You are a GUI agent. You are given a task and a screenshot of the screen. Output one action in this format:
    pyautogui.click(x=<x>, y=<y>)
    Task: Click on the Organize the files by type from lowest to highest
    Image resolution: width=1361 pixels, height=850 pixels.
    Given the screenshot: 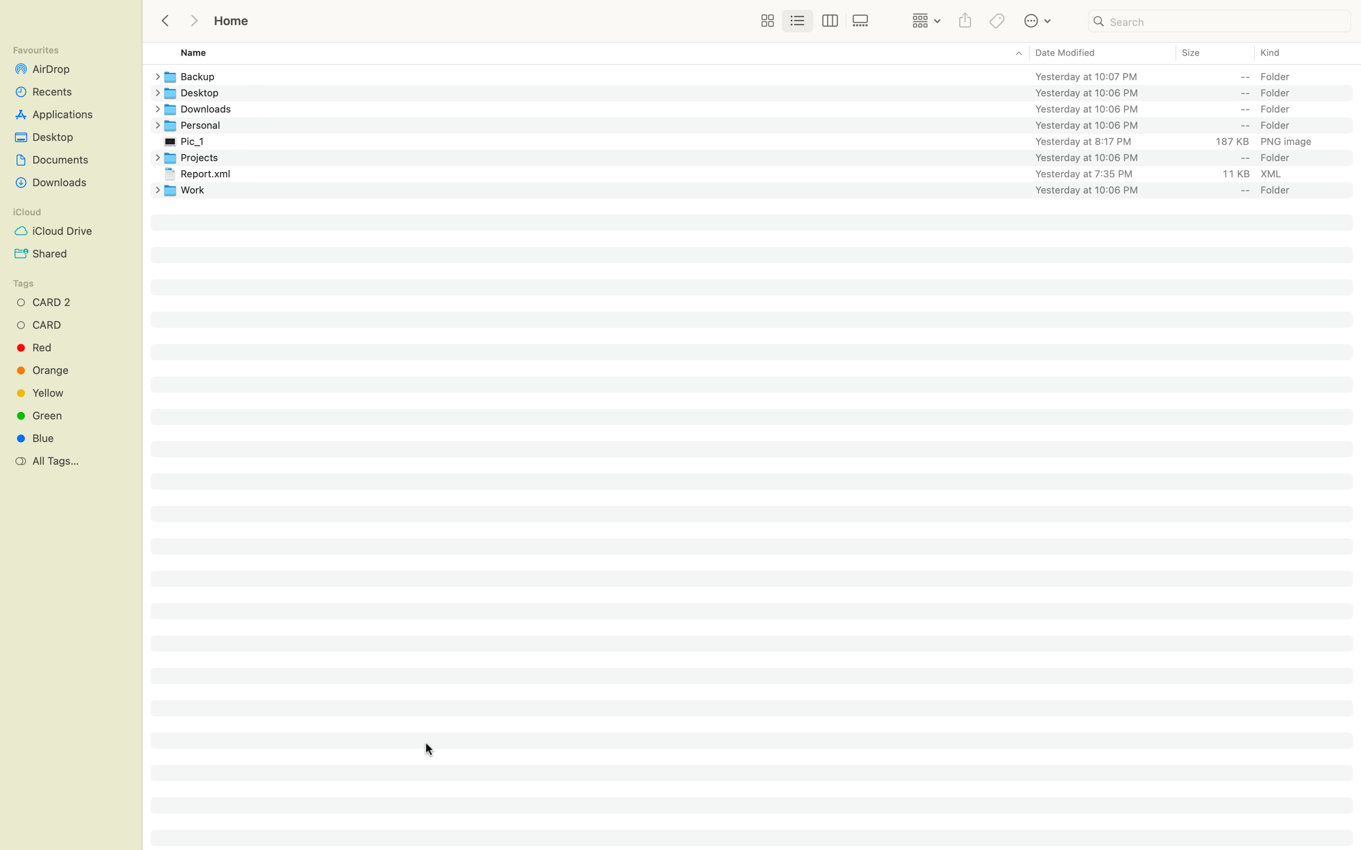 What is the action you would take?
    pyautogui.click(x=1301, y=53)
    